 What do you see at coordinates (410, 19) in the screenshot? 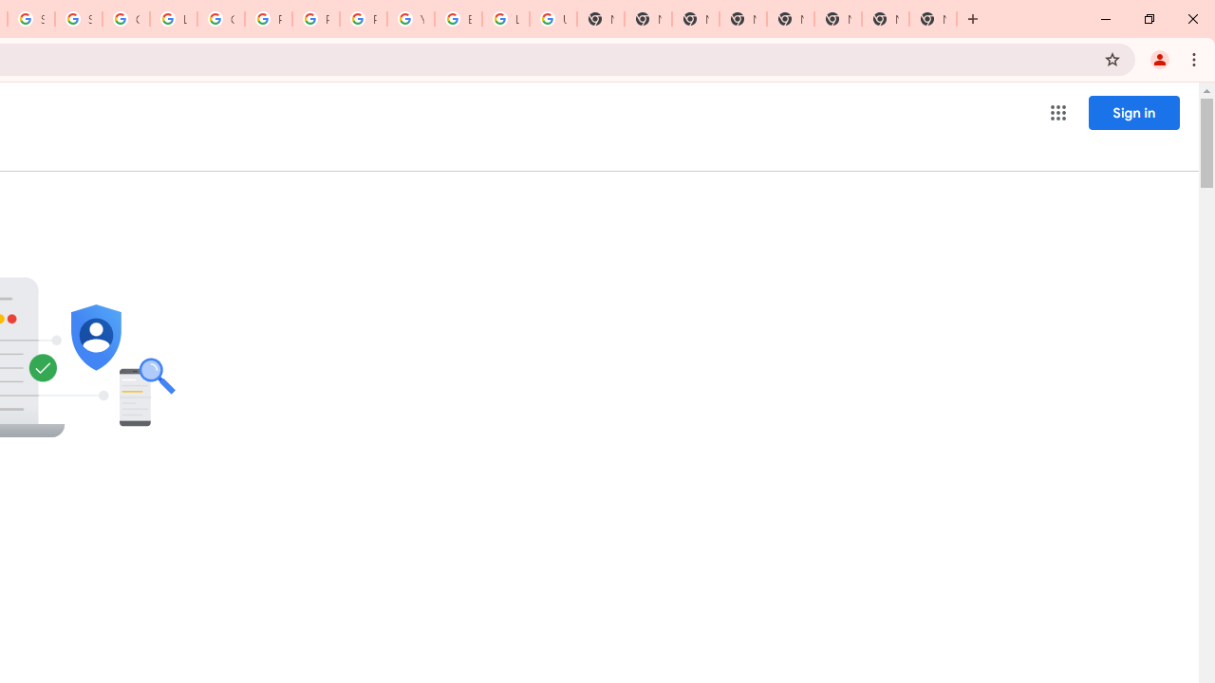
I see `'YouTube'` at bounding box center [410, 19].